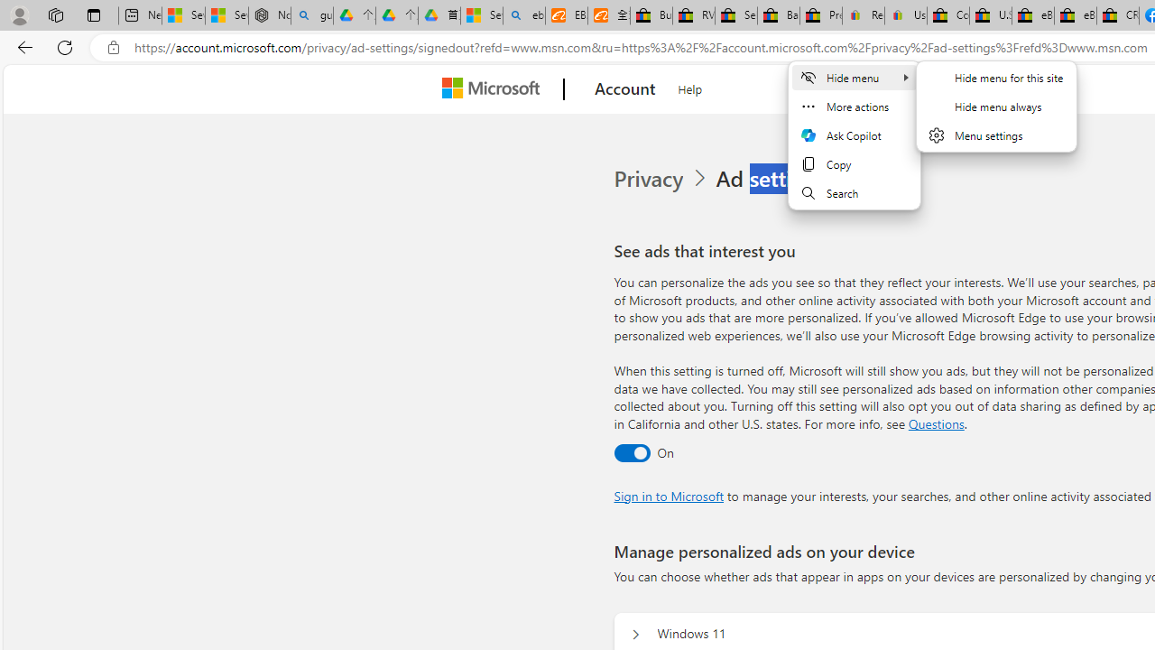  Describe the element at coordinates (668, 496) in the screenshot. I see `'Sign in to Microsoft'` at that location.